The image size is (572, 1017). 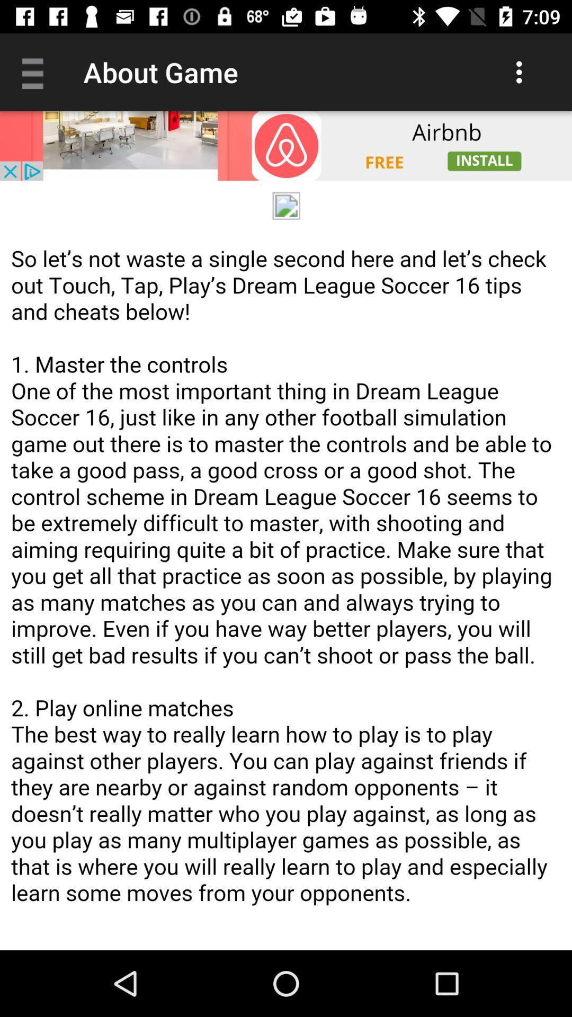 I want to click on install airbnb app, so click(x=286, y=145).